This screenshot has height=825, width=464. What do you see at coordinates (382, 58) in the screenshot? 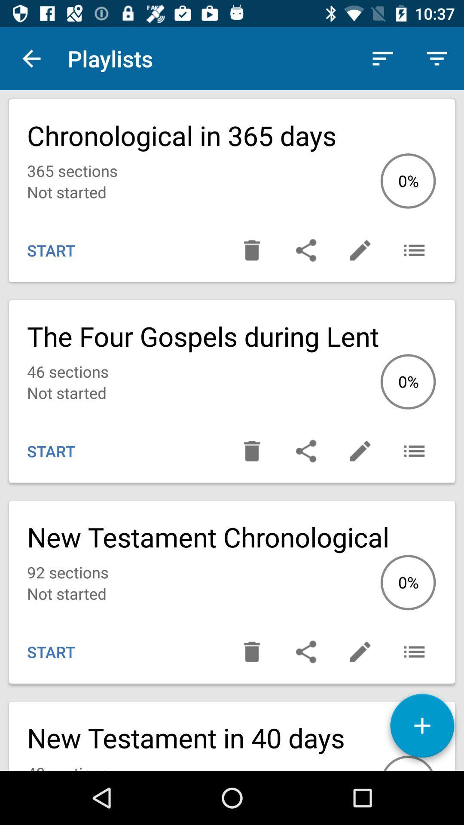
I see `the app to the right of the playlists` at bounding box center [382, 58].